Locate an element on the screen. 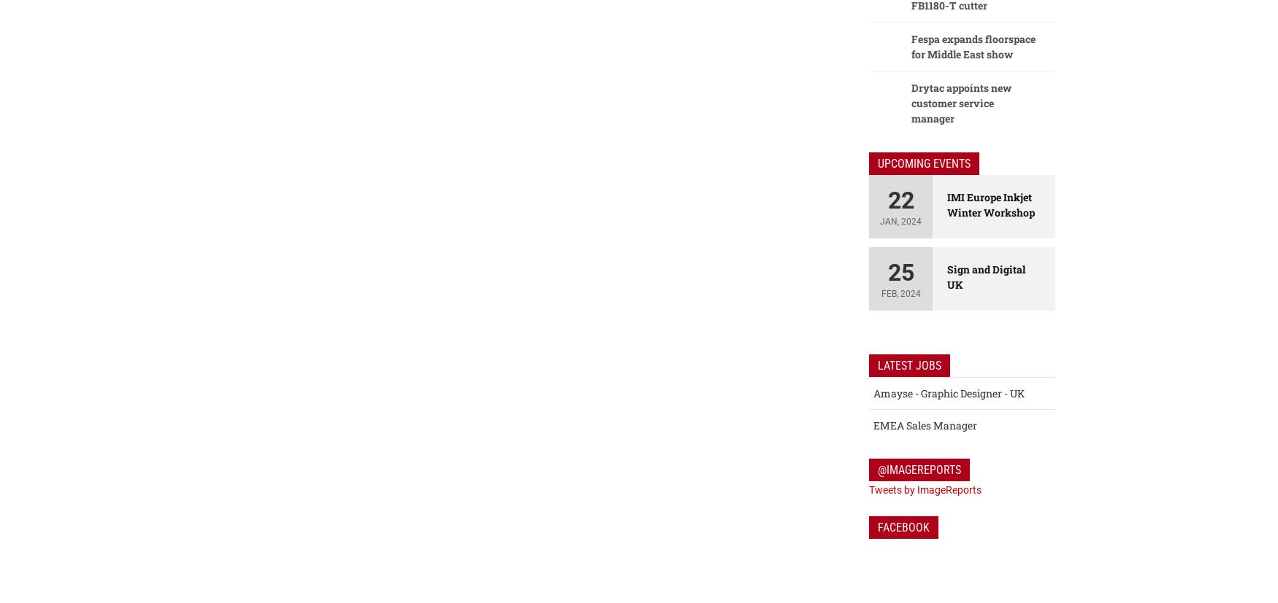 The height and width of the screenshot is (603, 1278). 'Upcoming Events' is located at coordinates (923, 163).